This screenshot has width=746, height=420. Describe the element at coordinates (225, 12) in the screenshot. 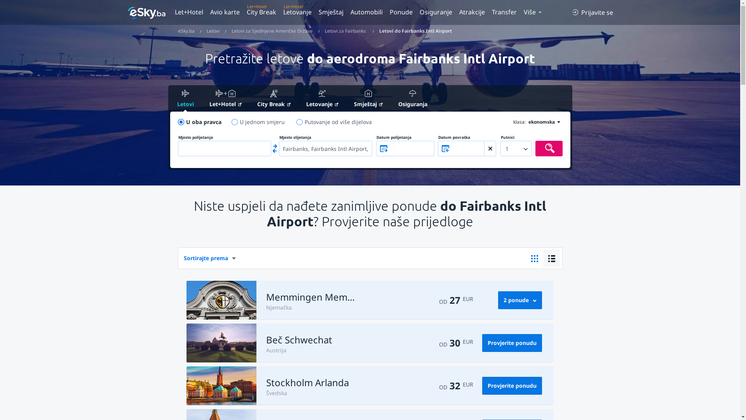

I see `'Avio karte'` at that location.